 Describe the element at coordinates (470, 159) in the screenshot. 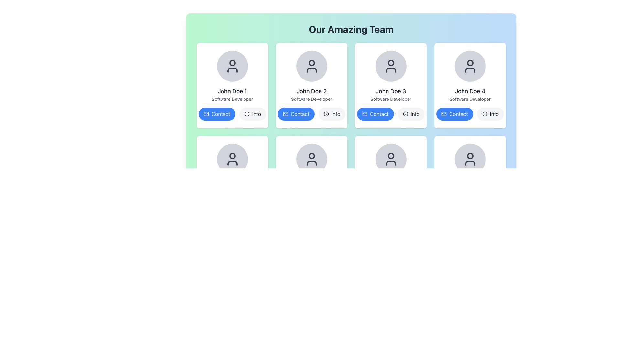

I see `the user profile icon located in the bottom row of the team member cards, specifically beneath the card for 'John Doe 4'` at that location.